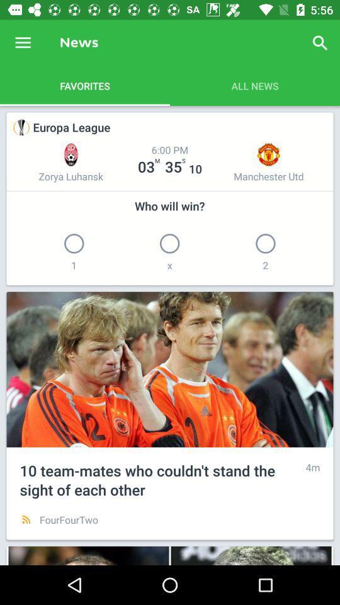 The width and height of the screenshot is (340, 605). I want to click on the item next to the news, so click(320, 43).